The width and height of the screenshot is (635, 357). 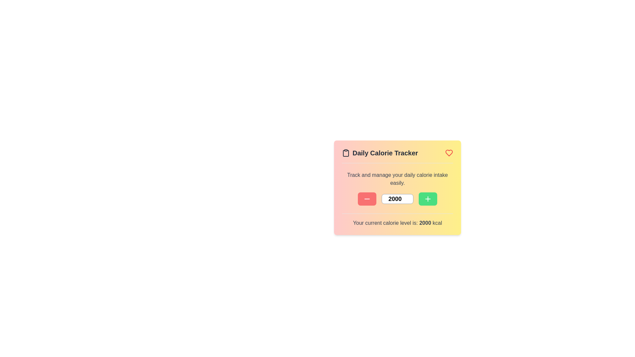 I want to click on the heart-shaped icon outlined in red located in the top right corner of the 'Daily Calorie Tracker' header, so click(x=449, y=153).